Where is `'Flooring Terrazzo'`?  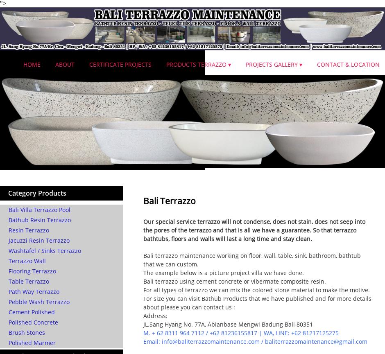
'Flooring Terrazzo' is located at coordinates (32, 271).